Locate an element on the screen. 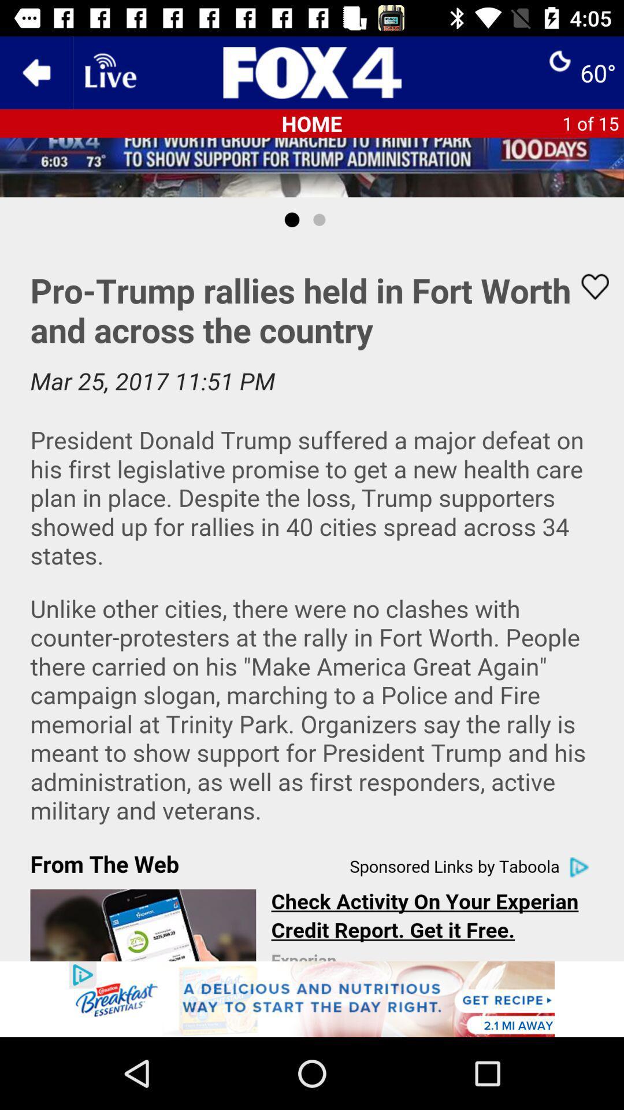 Image resolution: width=624 pixels, height=1110 pixels. like is located at coordinates (588, 287).